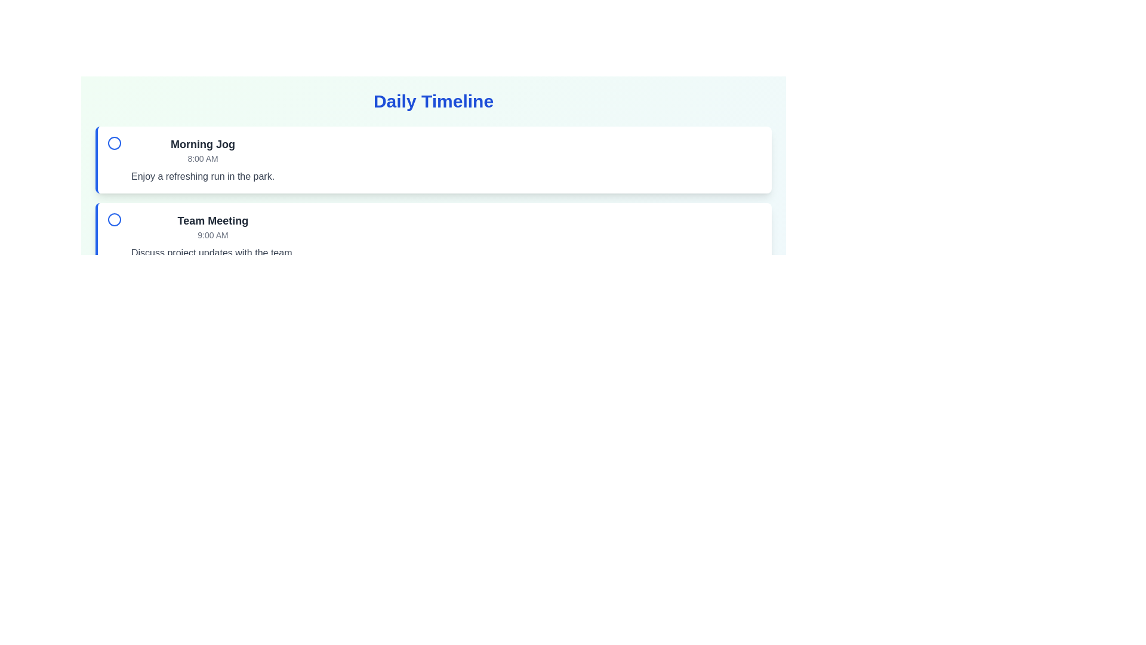  Describe the element at coordinates (203, 177) in the screenshot. I see `the text label displaying 'Enjoy a refreshing run in the park.' which is located below the 'Morning Jog' entry in the timeline` at that location.